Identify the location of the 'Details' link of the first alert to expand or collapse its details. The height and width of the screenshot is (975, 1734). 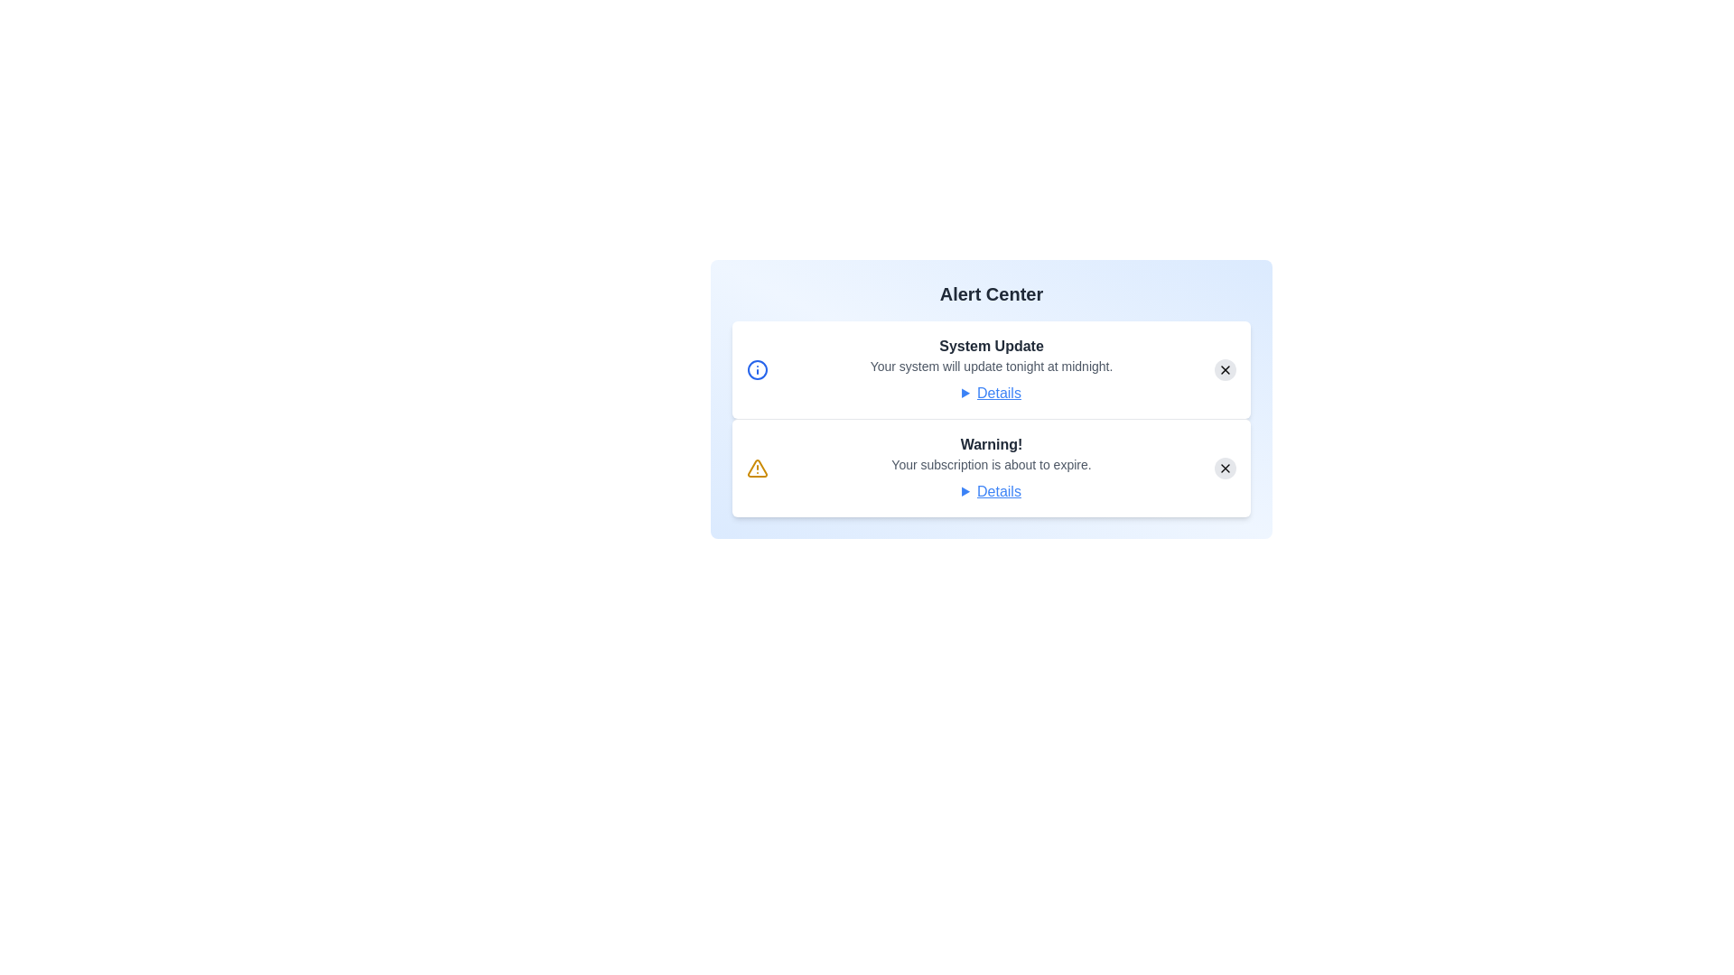
(991, 392).